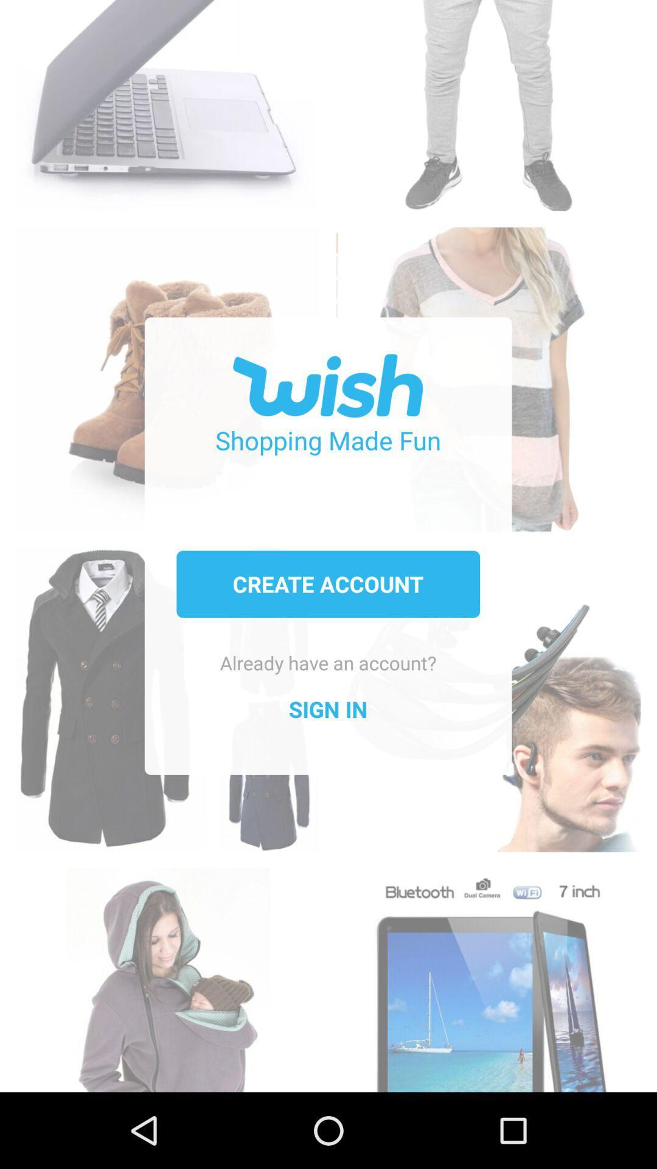  Describe the element at coordinates (487, 99) in the screenshot. I see `men 's pants` at that location.